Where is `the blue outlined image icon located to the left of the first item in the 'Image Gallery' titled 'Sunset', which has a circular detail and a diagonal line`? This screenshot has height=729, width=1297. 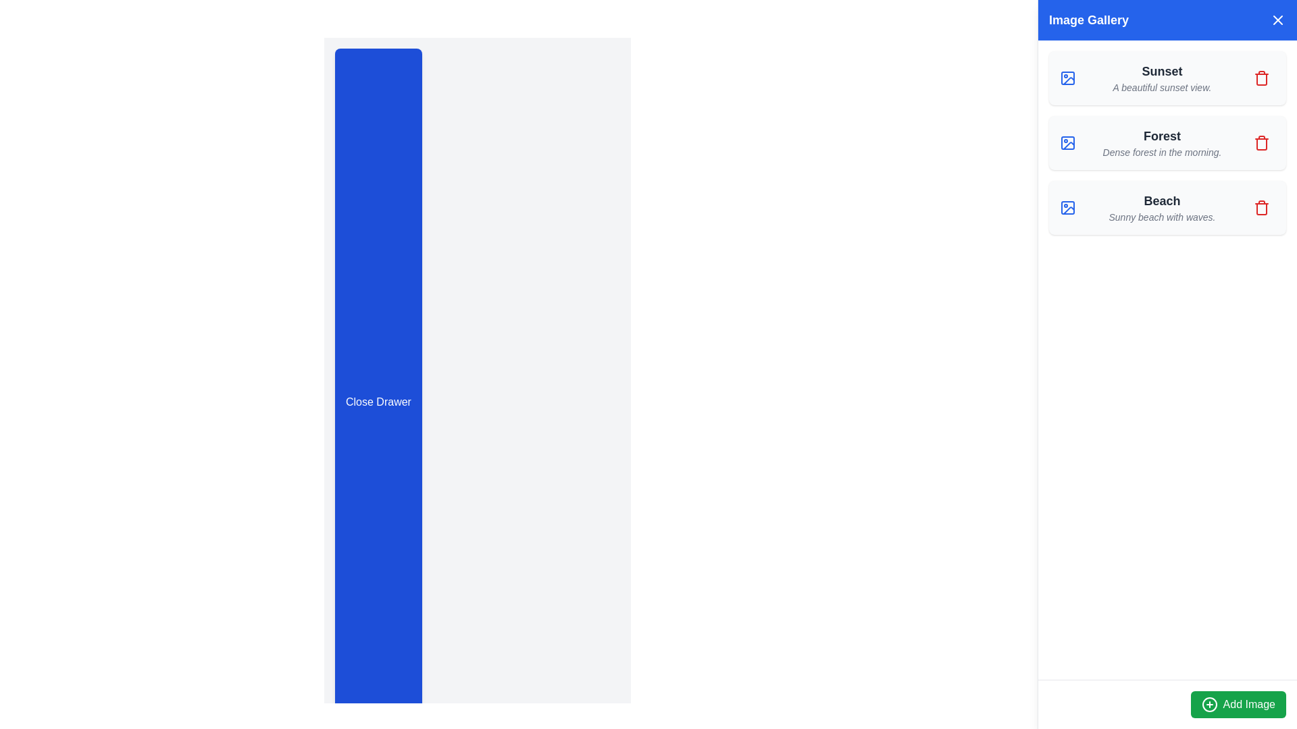
the blue outlined image icon located to the left of the first item in the 'Image Gallery' titled 'Sunset', which has a circular detail and a diagonal line is located at coordinates (1067, 78).